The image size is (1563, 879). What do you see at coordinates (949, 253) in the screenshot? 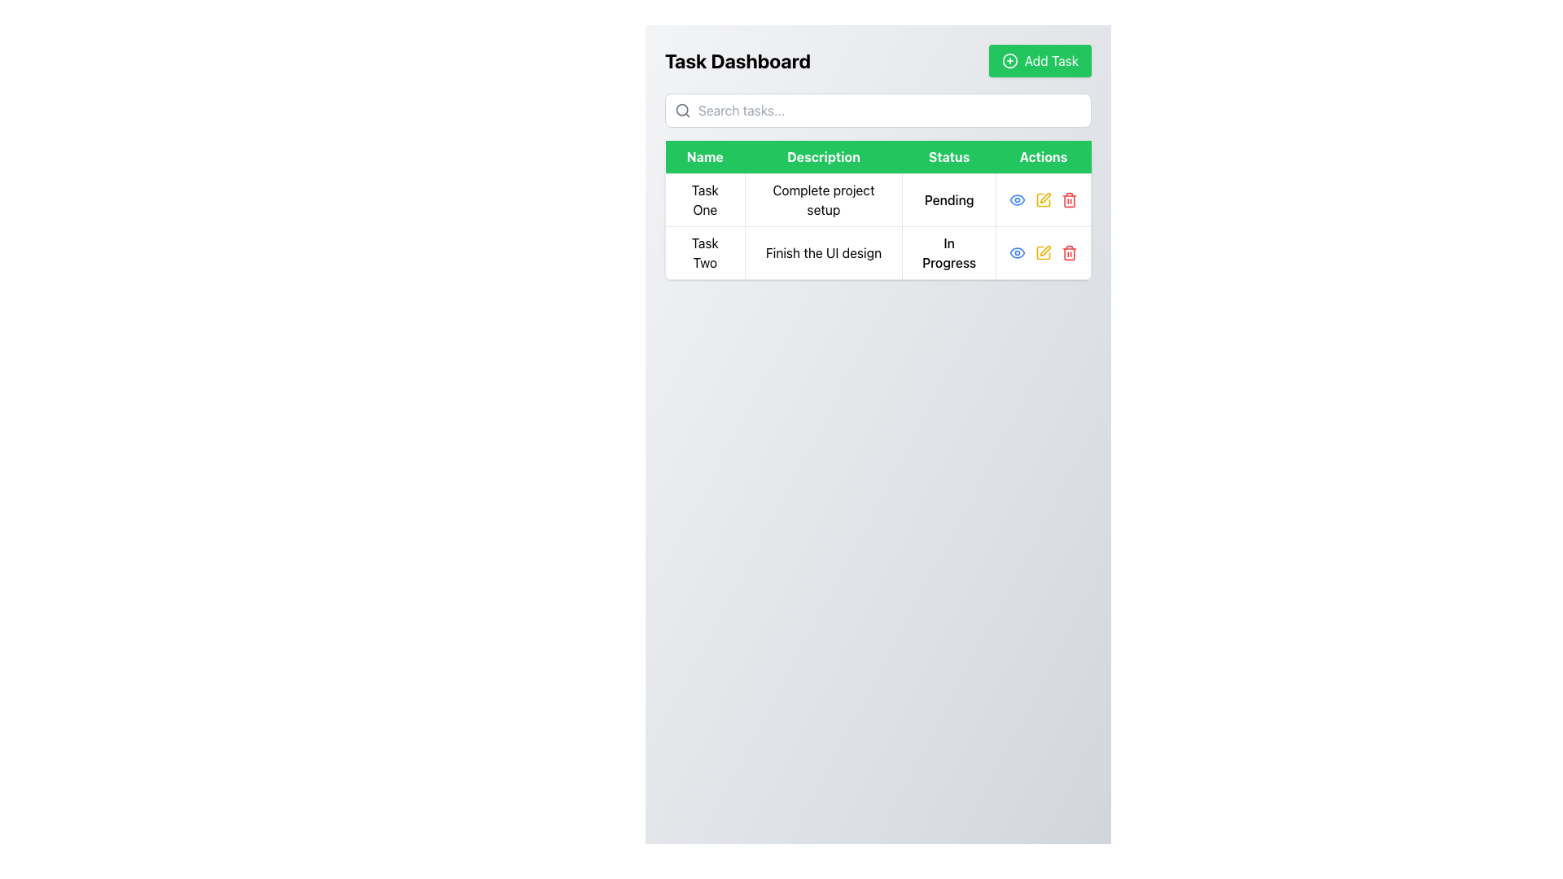
I see `the Static Text Label displaying the current status 'In Progress' of the task 'Finish the UI design' located in the second row of the task table` at bounding box center [949, 253].